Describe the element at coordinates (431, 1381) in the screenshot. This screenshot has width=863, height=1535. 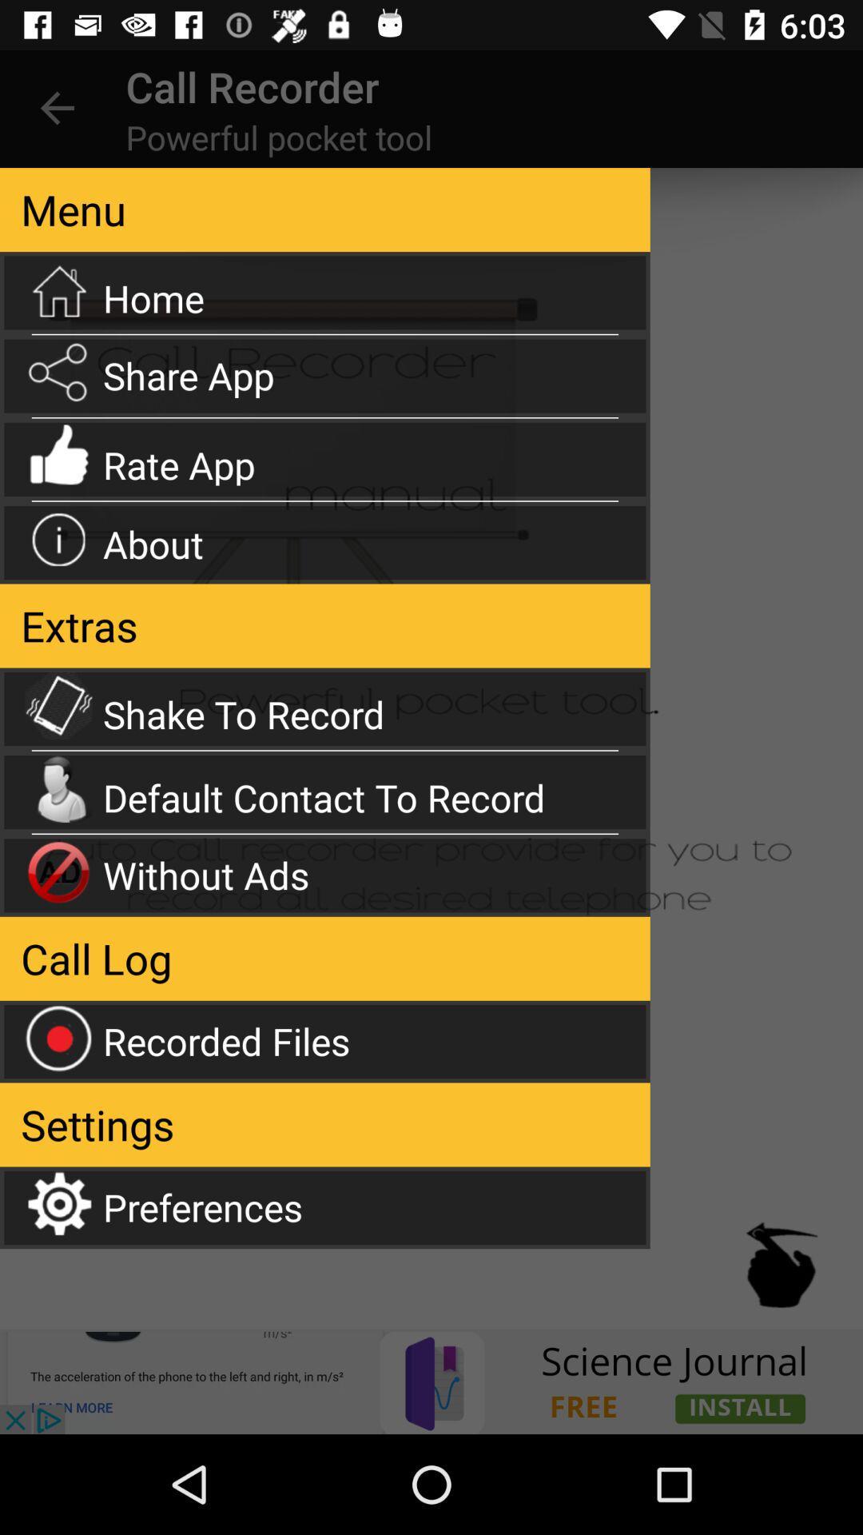
I see `advertisement banner` at that location.